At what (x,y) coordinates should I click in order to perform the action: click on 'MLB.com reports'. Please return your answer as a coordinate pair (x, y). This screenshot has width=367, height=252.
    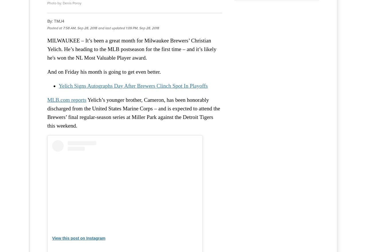
    Looking at the image, I should click on (67, 99).